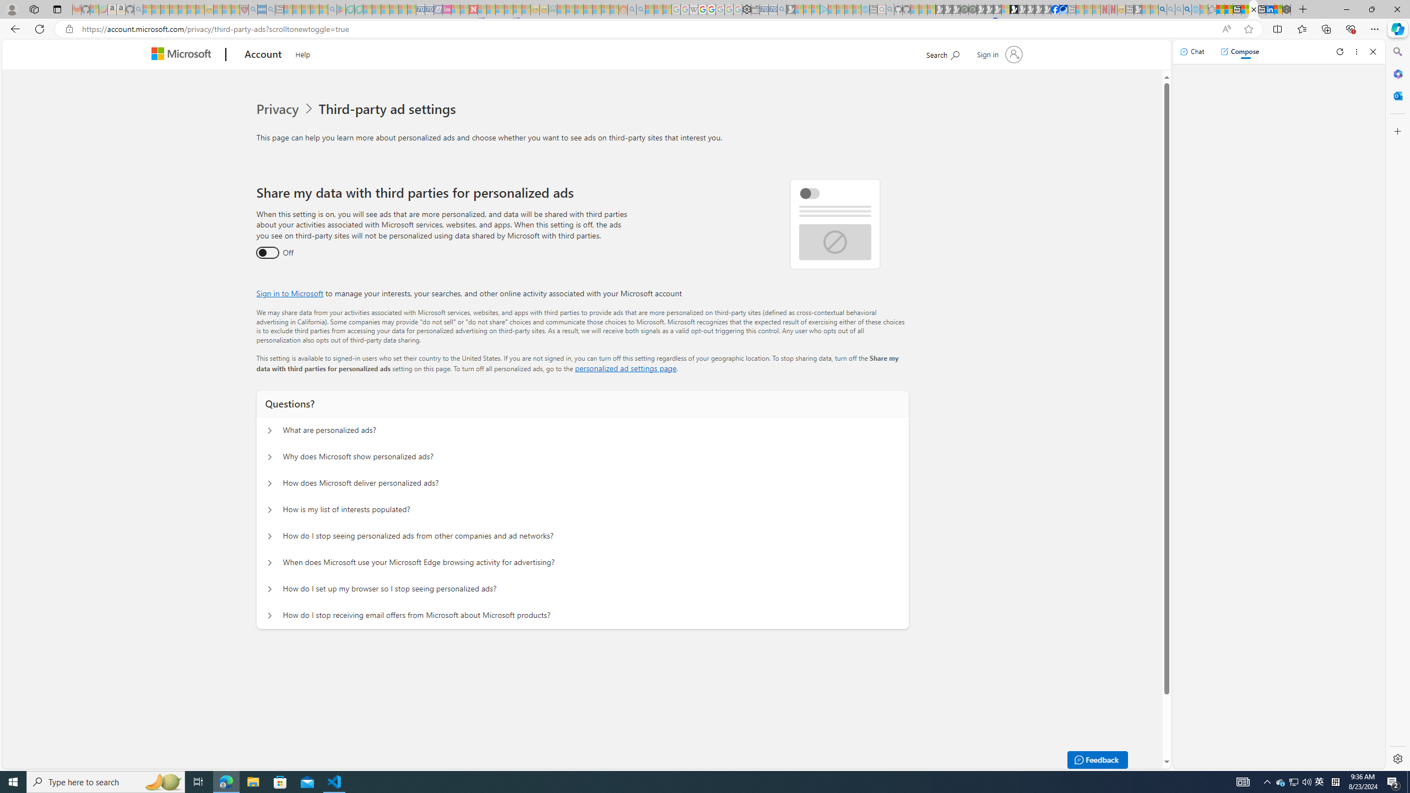  What do you see at coordinates (1187, 9) in the screenshot?
I see `'Google Chrome Internet Browser Download - Search Images'` at bounding box center [1187, 9].